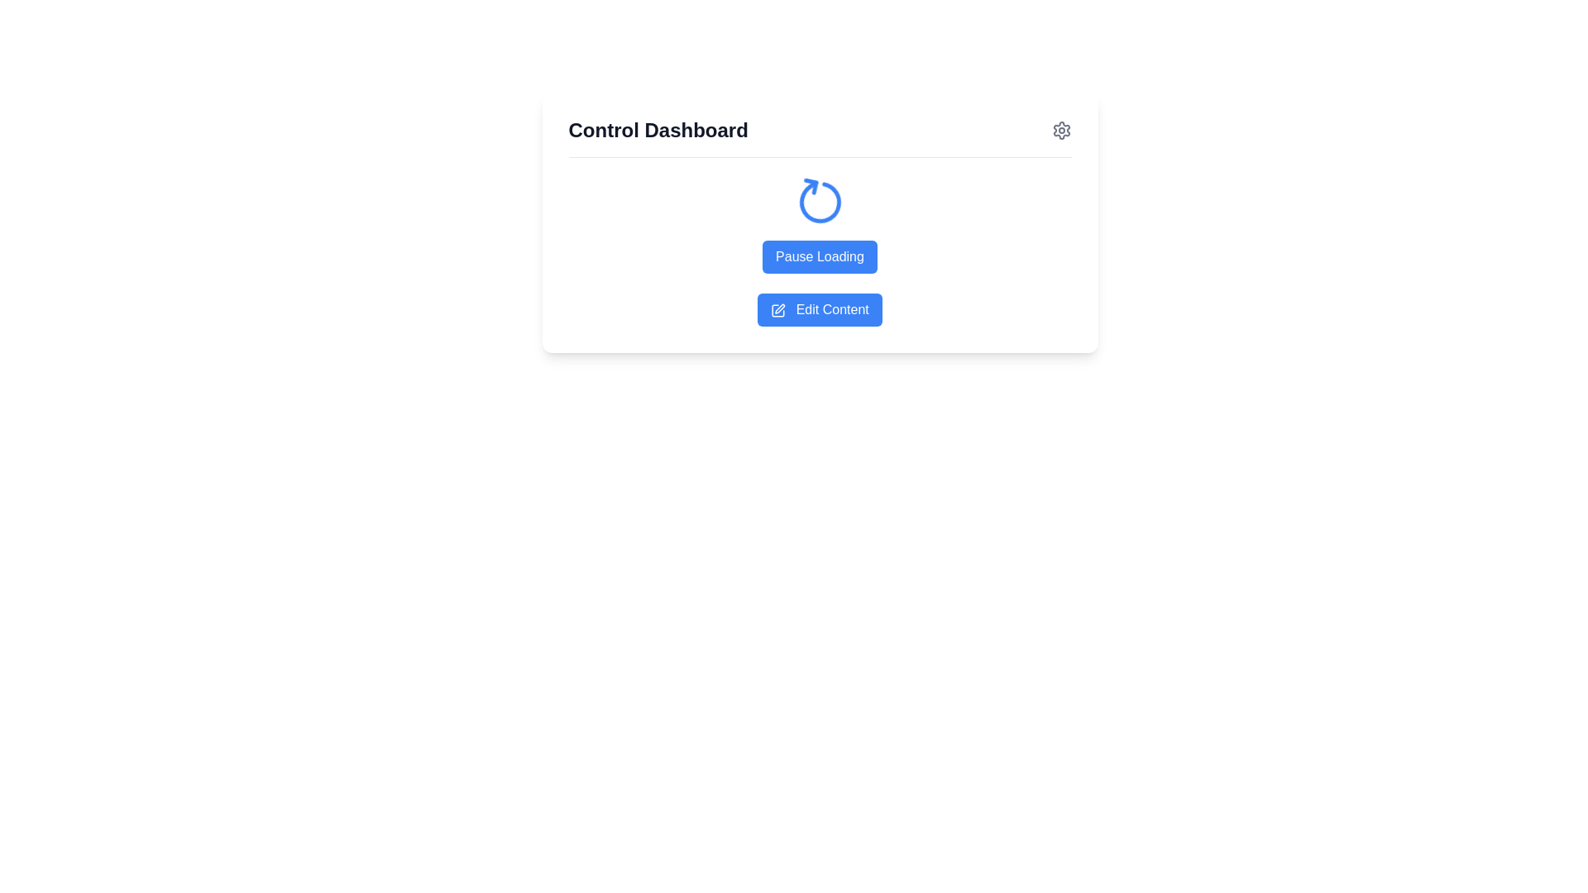  Describe the element at coordinates (820, 202) in the screenshot. I see `the loading indicator icon located at the center of the containing panel, which is positioned above the 'Pause Loading' button` at that location.